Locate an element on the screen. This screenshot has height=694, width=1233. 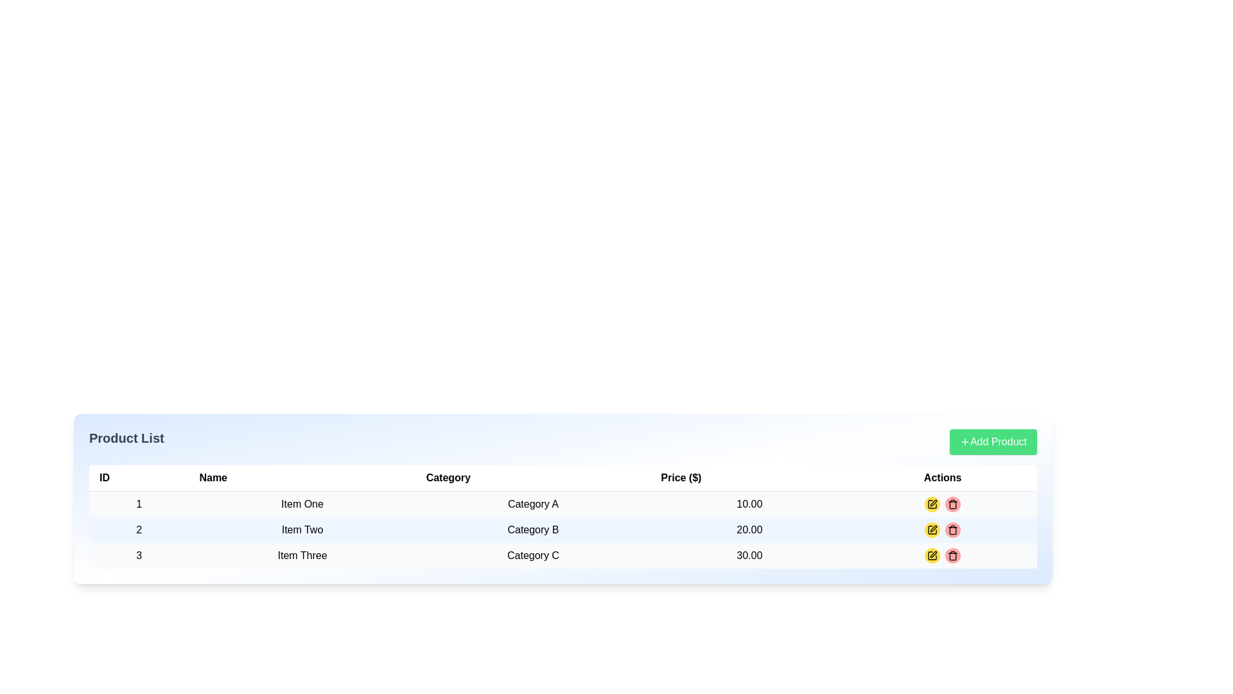
the delete button located in the 'Actions' column of the third row in the product list table is located at coordinates (953, 530).